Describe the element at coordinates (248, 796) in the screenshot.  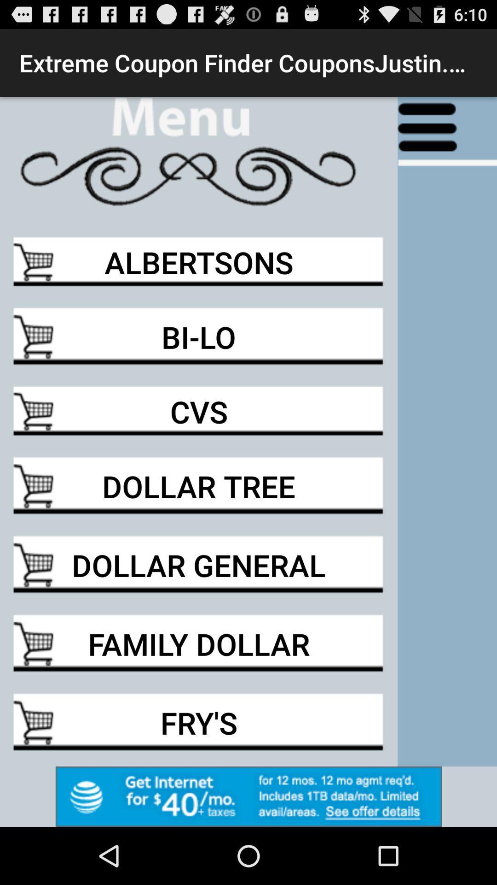
I see `advertisement at bottom` at that location.